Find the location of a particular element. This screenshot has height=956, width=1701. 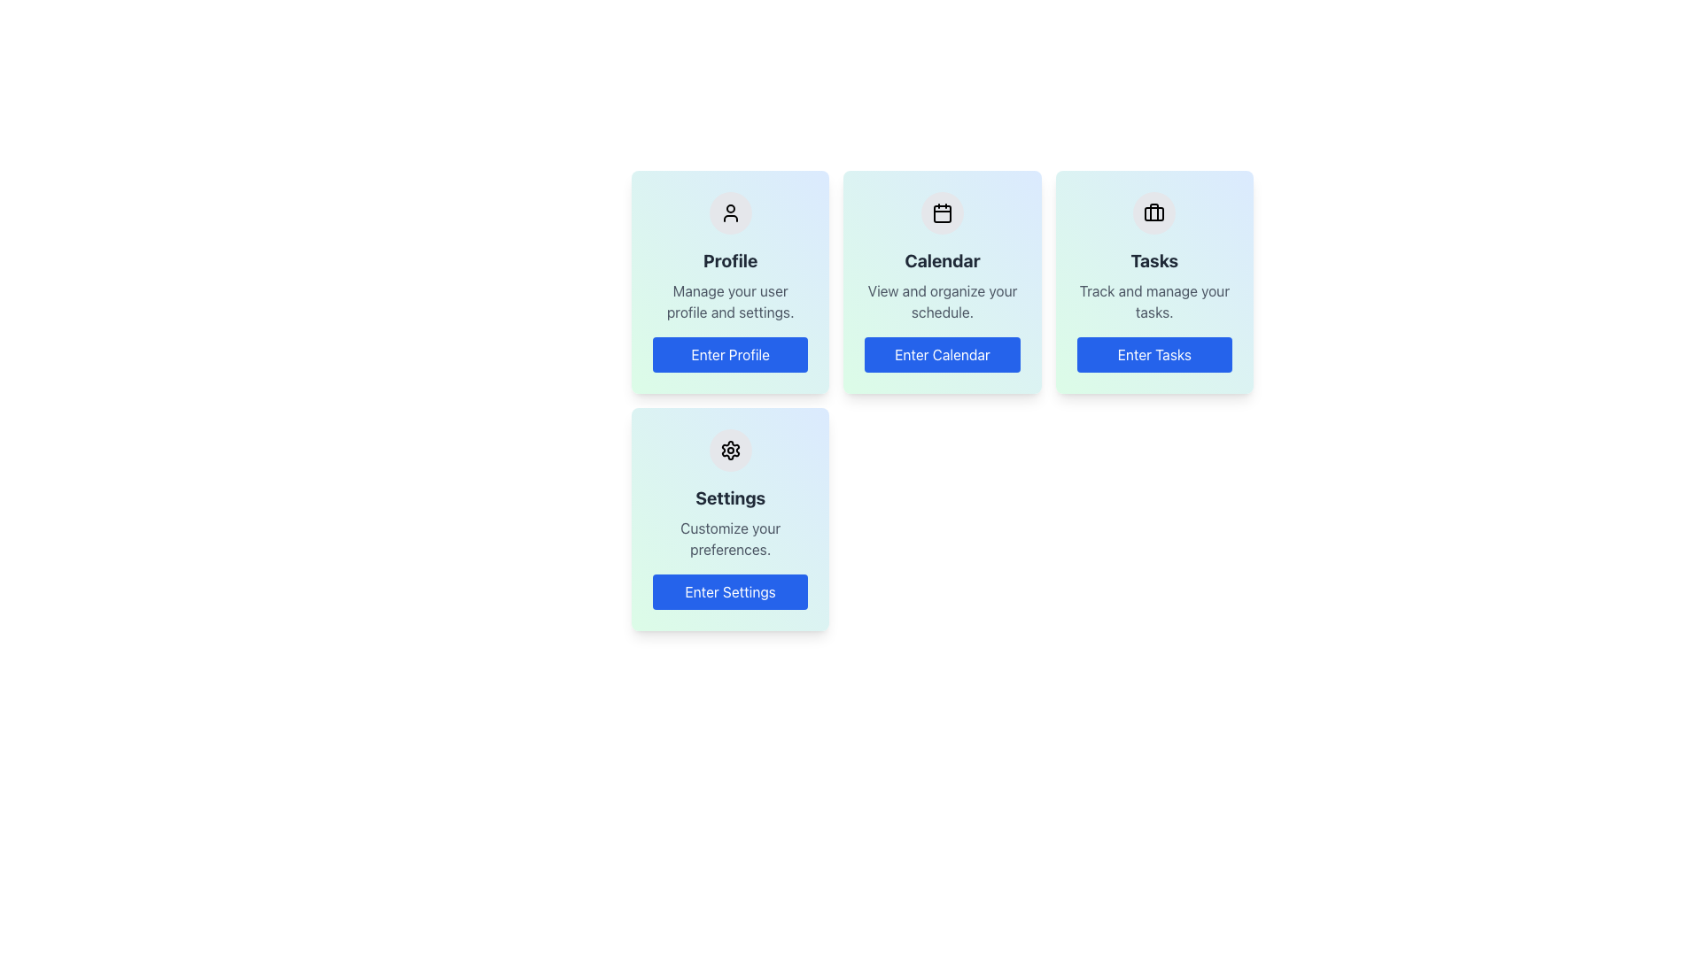

the decorative 'Tasks' icon located centrally in the upper section of the third card in a horizontal row of four cards is located at coordinates (1154, 212).